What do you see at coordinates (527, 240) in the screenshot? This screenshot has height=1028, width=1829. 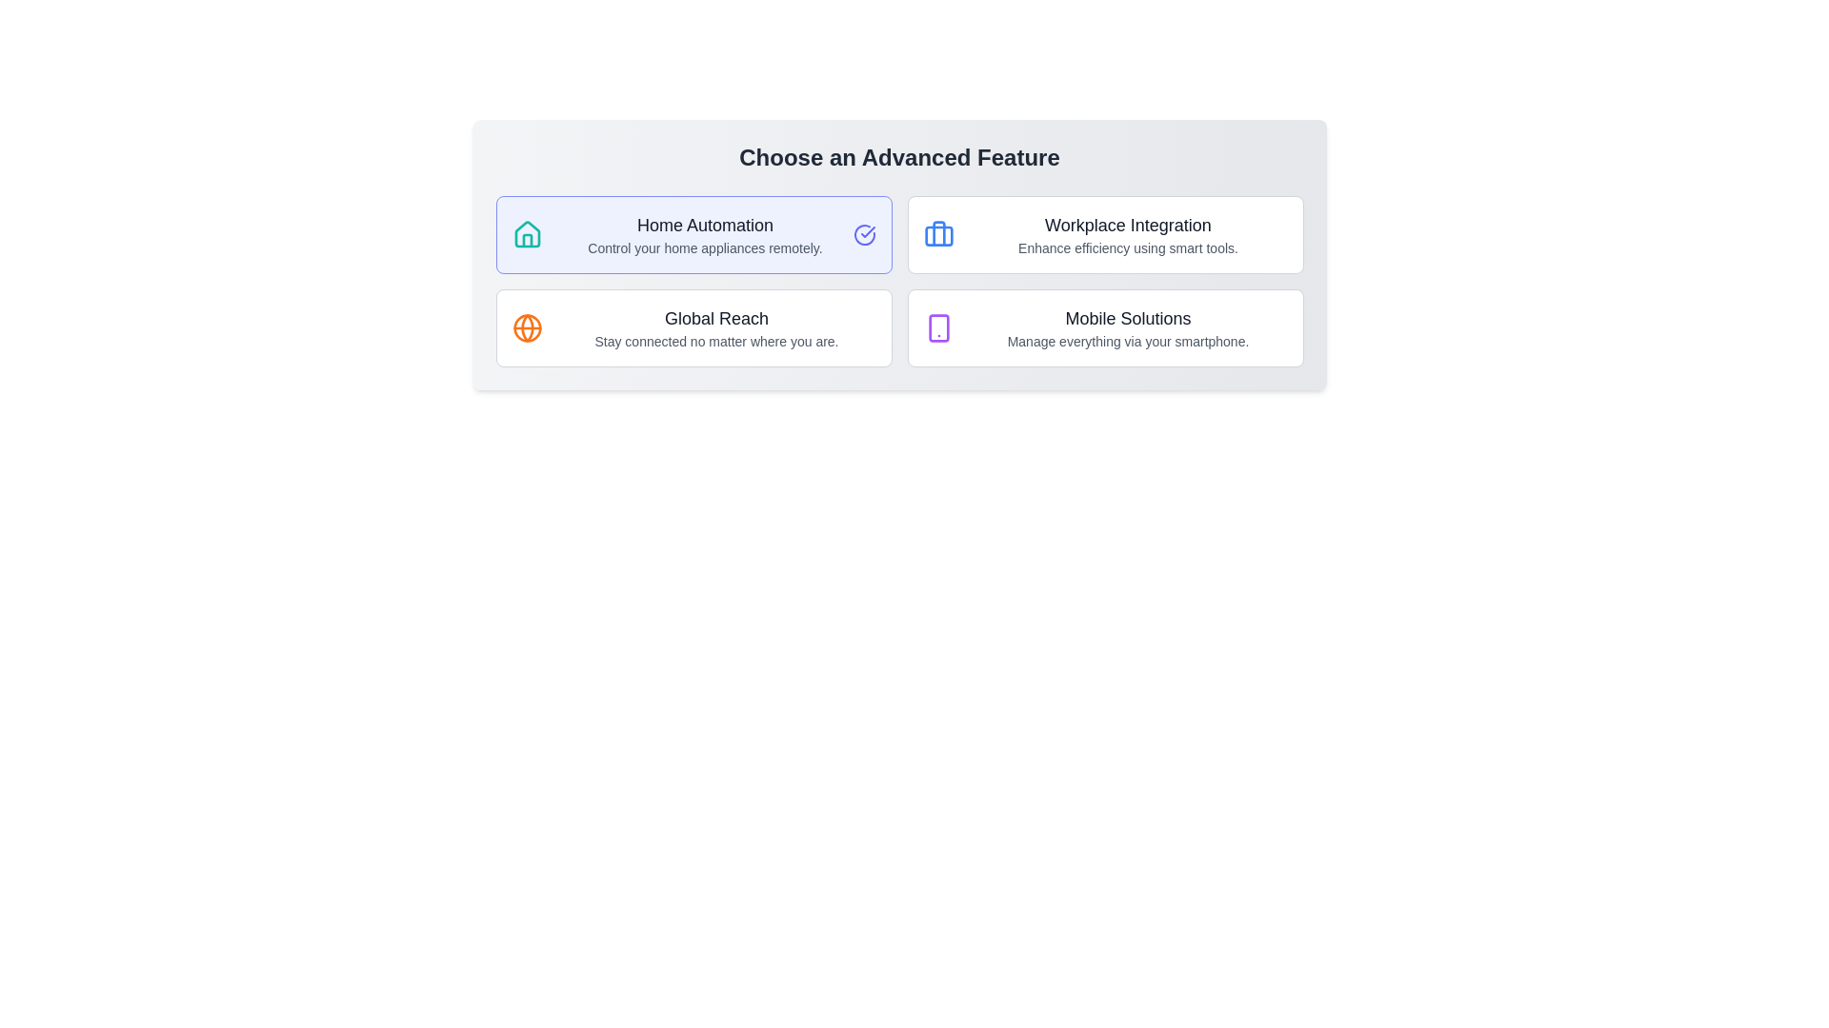 I see `the graphical decoration element representing the house icon, which is centrally located within the SVG component in the 'Home Automation' section` at bounding box center [527, 240].